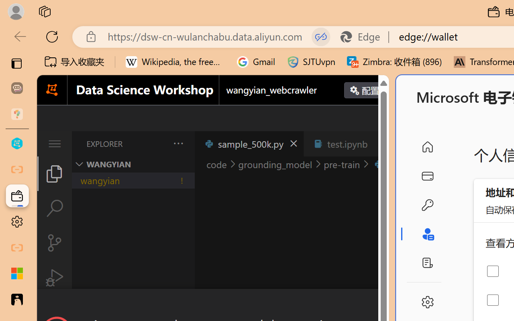 The height and width of the screenshot is (321, 514). Describe the element at coordinates (177, 143) in the screenshot. I see `'Views and More Actions...'` at that location.